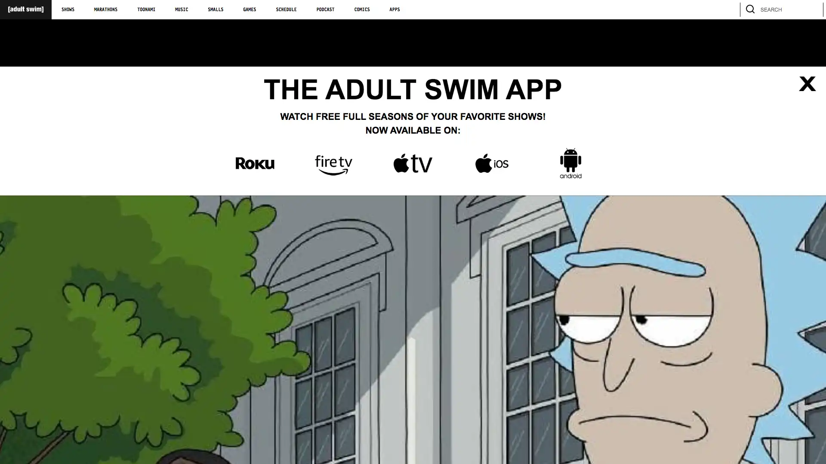 The image size is (826, 464). What do you see at coordinates (807, 83) in the screenshot?
I see `Close list of apps` at bounding box center [807, 83].